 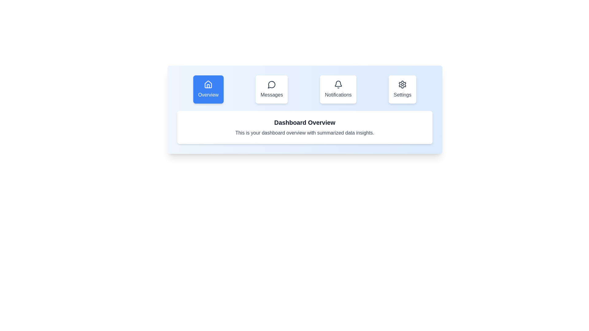 I want to click on heading and description from the Informative block located below the navigation icons on the dashboard interface, so click(x=305, y=127).